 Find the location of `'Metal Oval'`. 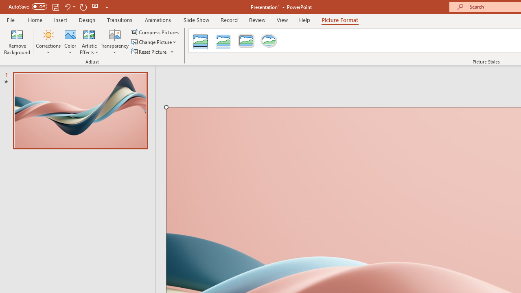

'Metal Oval' is located at coordinates (269, 41).